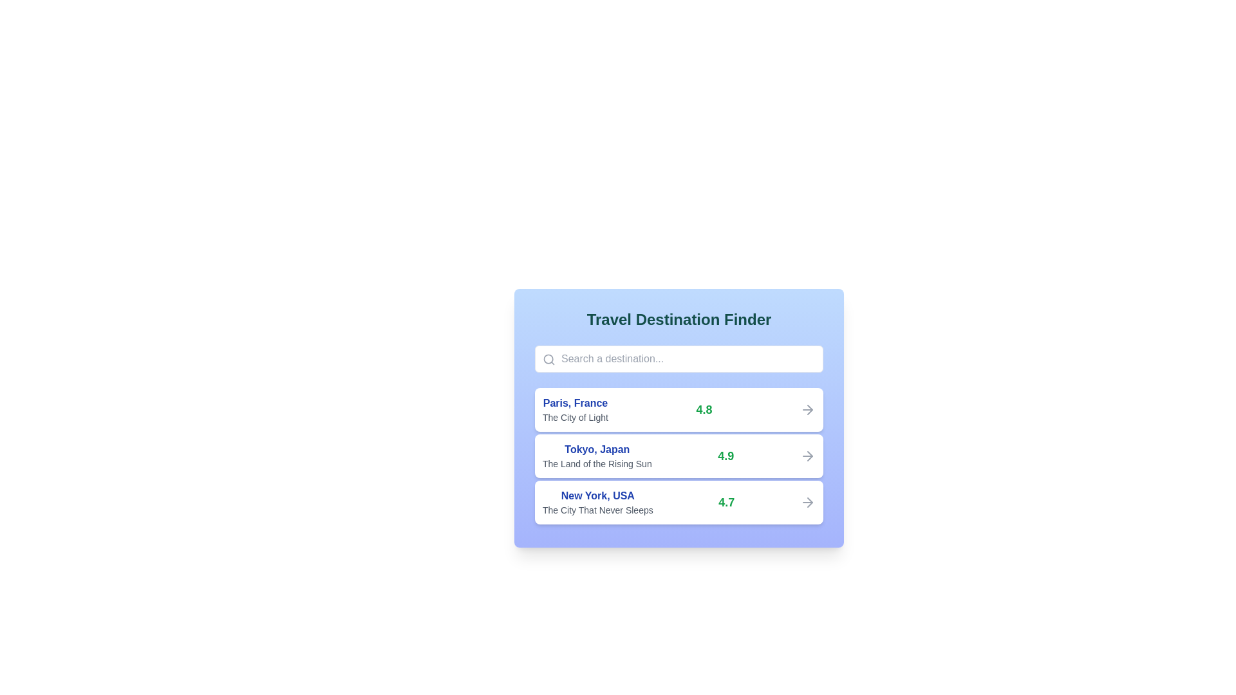 The width and height of the screenshot is (1236, 695). I want to click on the search input field for travel destination, located beneath 'Travel Destination Finder' and above 'Paris, France', so click(679, 359).